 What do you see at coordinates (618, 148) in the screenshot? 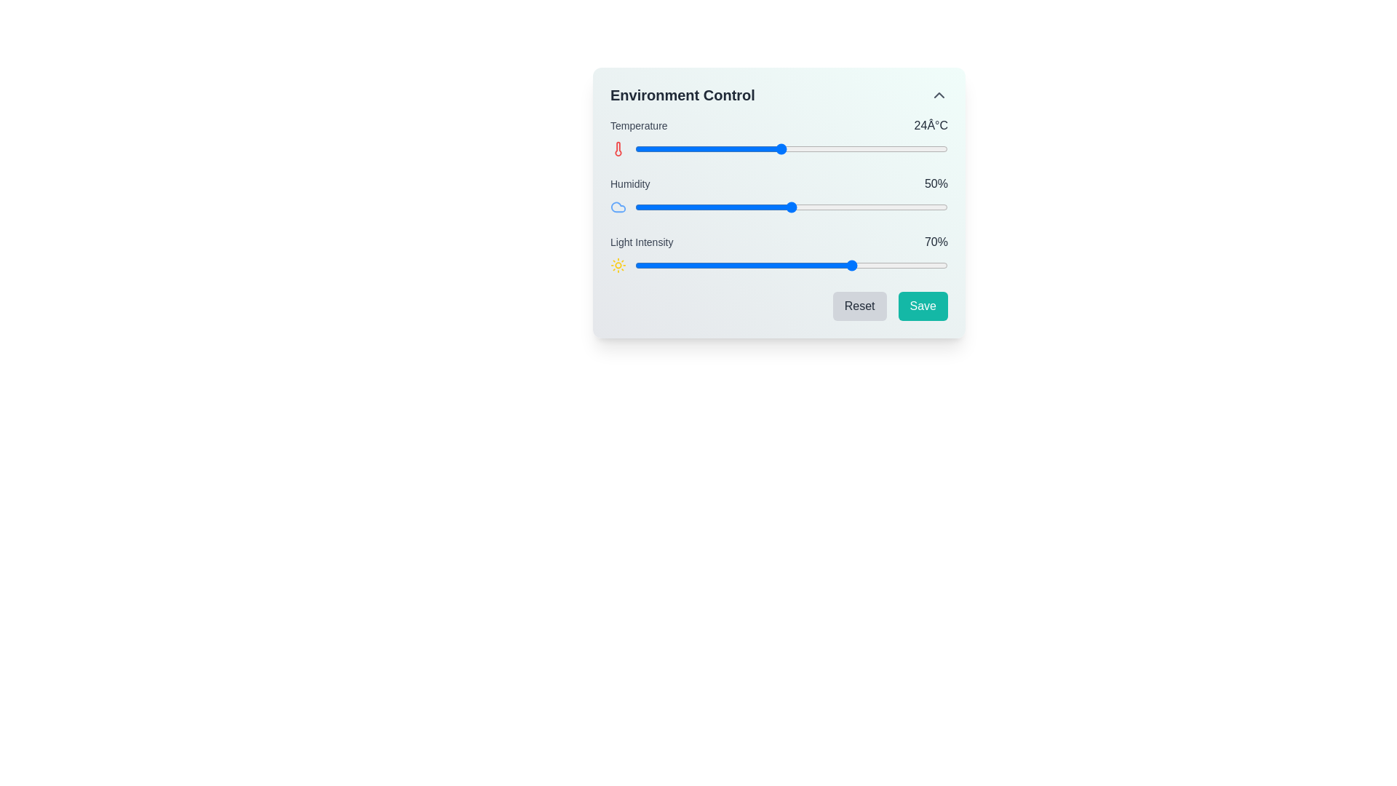
I see `the bold red thermometer icon located next to the 'Temperature' label in the 'Environment Control' panel` at bounding box center [618, 148].